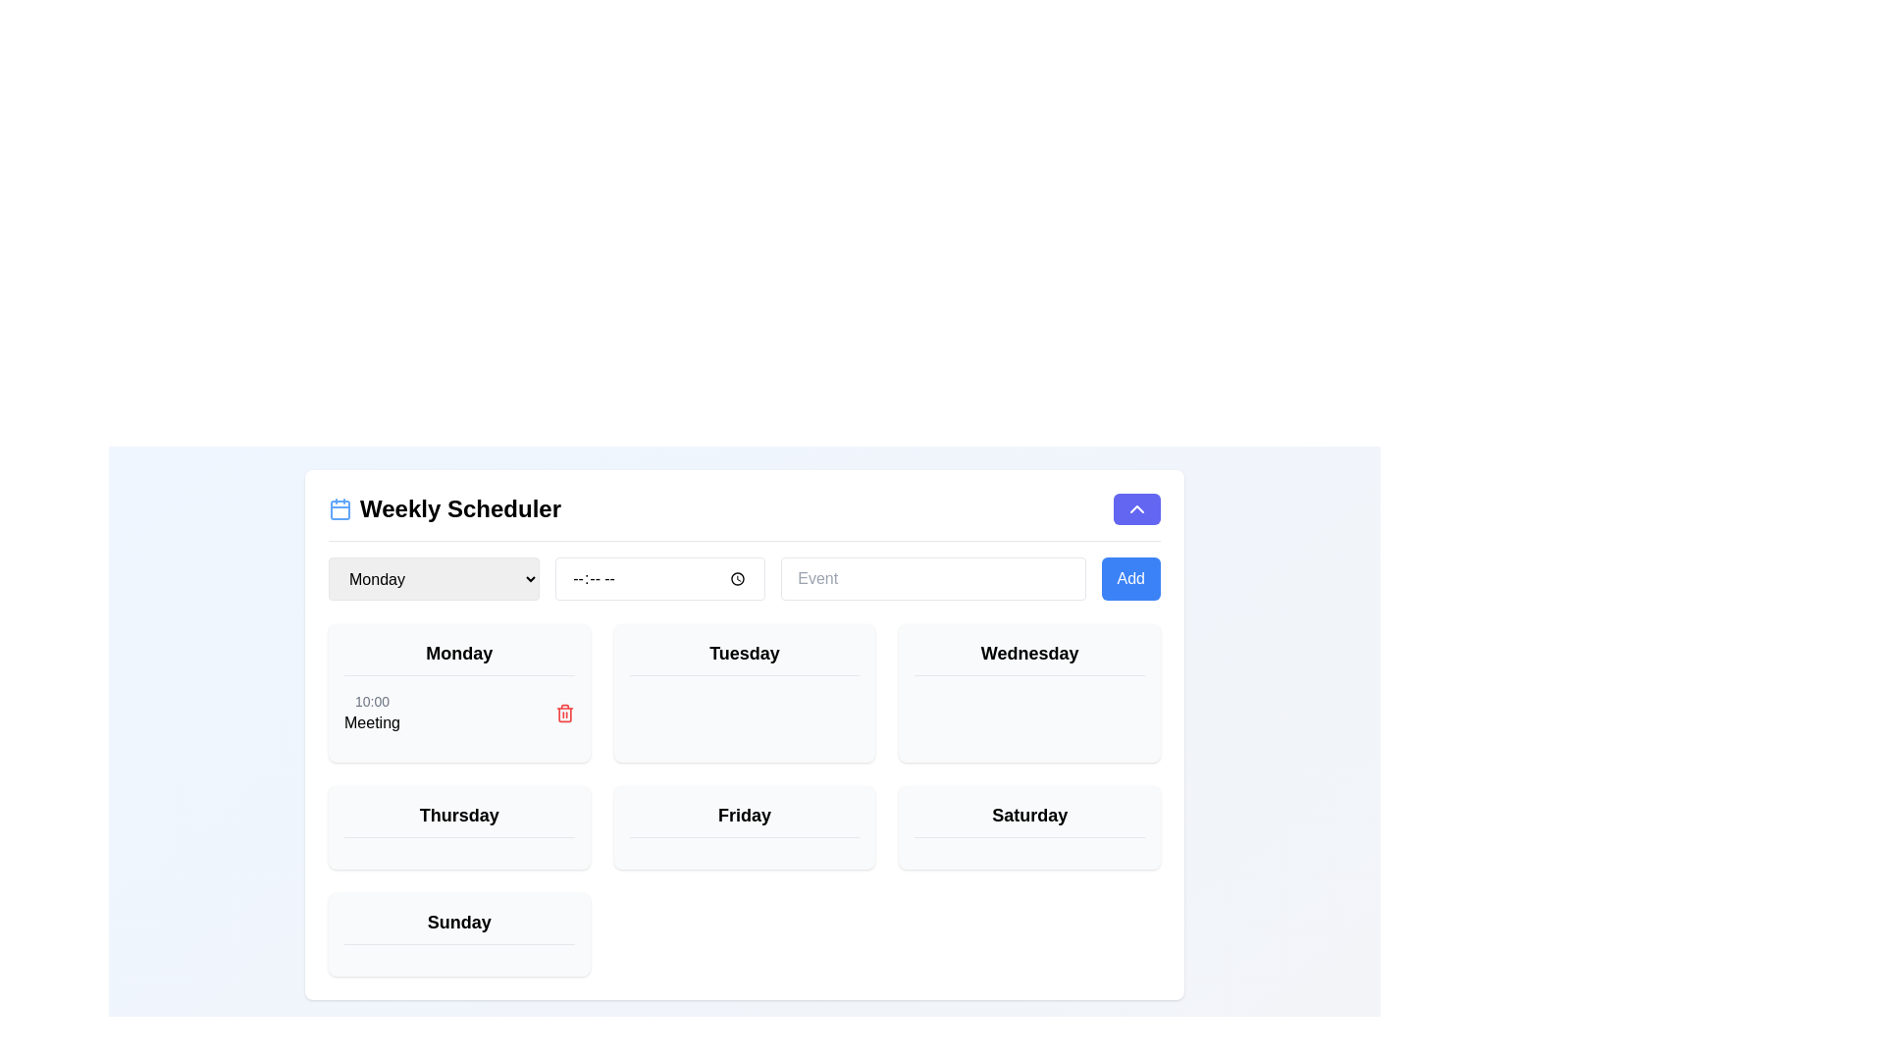 Image resolution: width=1884 pixels, height=1060 pixels. I want to click on the collapse button located in the upper-right corner of the 'Weekly Scheduler' section to minimize it, so click(1136, 508).